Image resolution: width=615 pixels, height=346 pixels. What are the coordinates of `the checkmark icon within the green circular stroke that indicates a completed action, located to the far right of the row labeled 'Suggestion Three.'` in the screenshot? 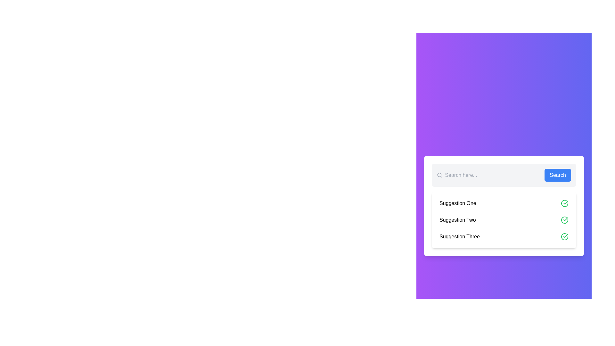 It's located at (564, 237).